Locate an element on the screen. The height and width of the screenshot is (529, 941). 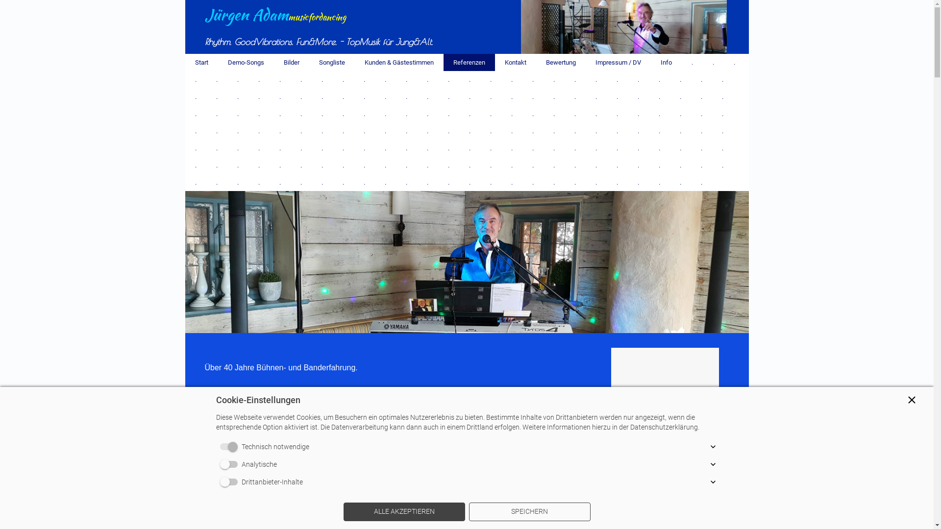
'.' is located at coordinates (669, 79).